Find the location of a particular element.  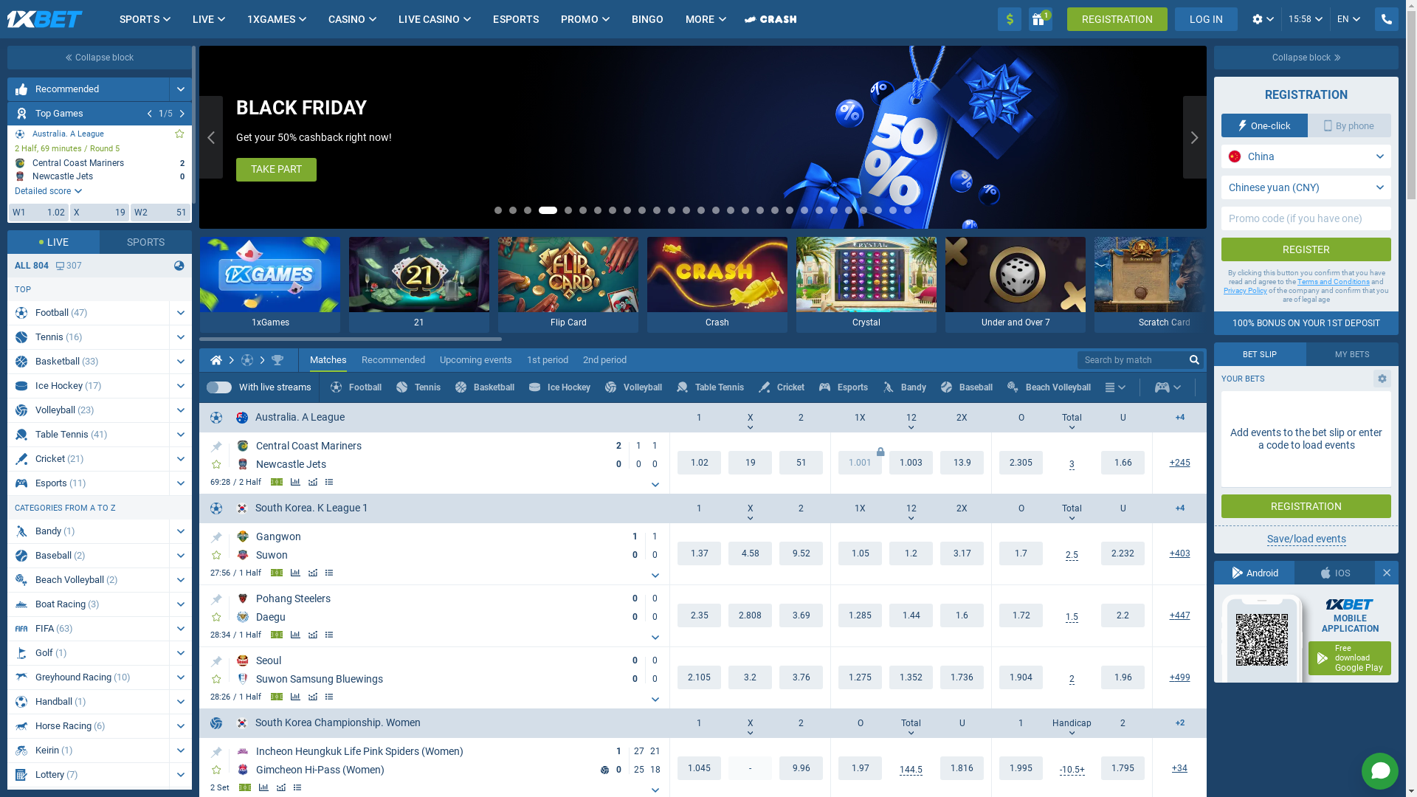

'2.2' is located at coordinates (1101, 615).